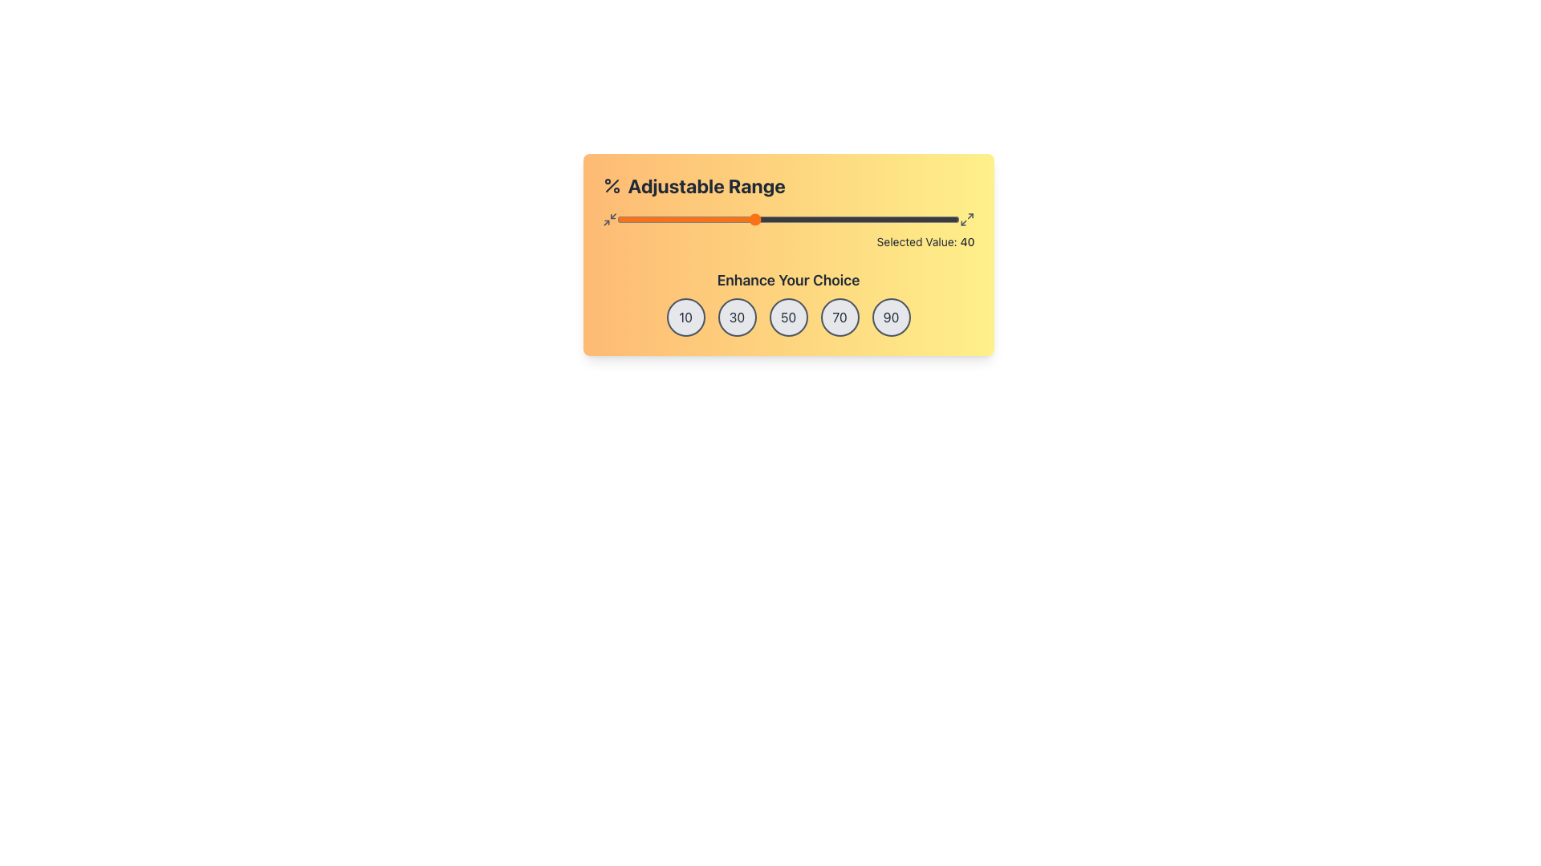 The image size is (1541, 866). Describe the element at coordinates (750, 219) in the screenshot. I see `the slider value` at that location.